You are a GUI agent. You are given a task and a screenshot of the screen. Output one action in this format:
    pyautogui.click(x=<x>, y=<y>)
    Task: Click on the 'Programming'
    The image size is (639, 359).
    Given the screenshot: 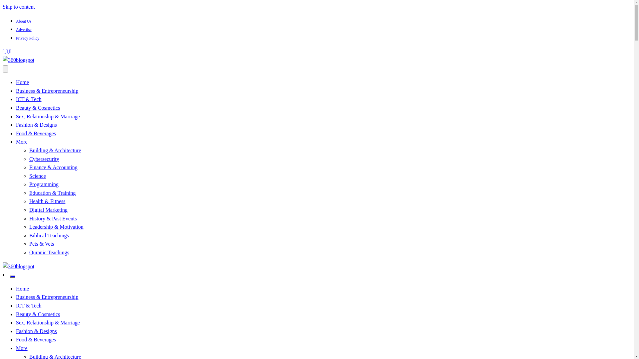 What is the action you would take?
    pyautogui.click(x=43, y=184)
    